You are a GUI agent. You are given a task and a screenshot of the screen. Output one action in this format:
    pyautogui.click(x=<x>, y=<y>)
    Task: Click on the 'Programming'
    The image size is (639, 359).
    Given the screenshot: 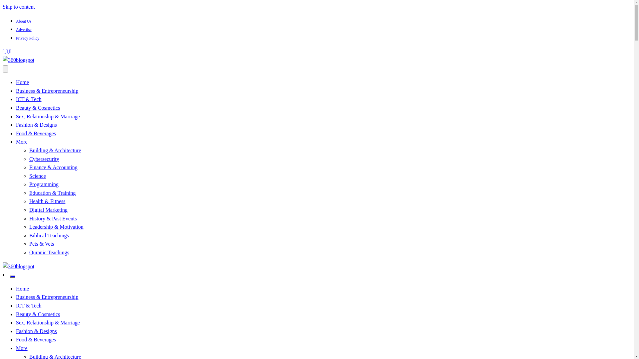 What is the action you would take?
    pyautogui.click(x=43, y=184)
    